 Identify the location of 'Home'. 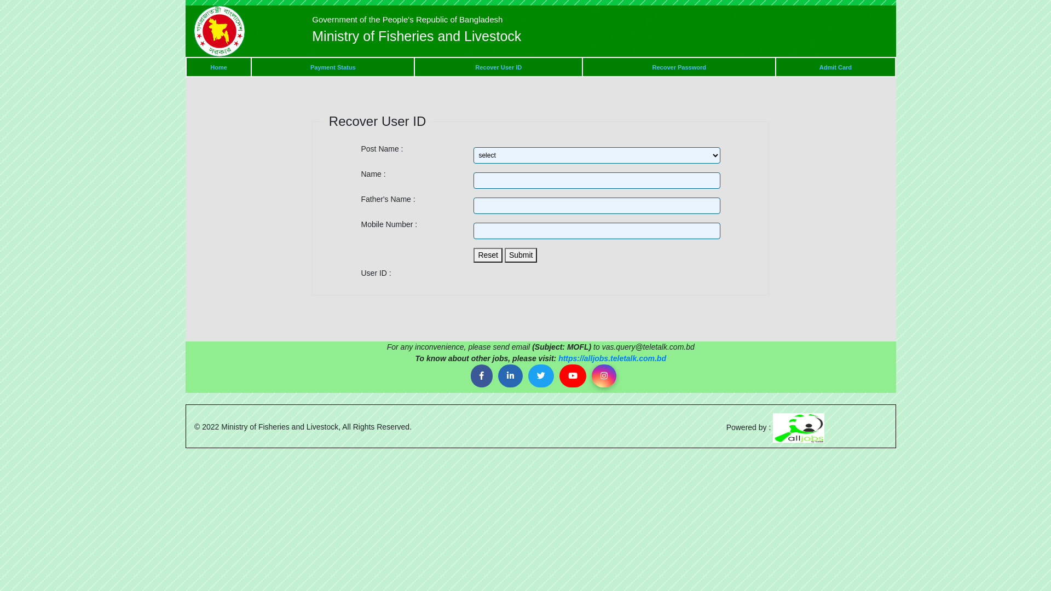
(218, 67).